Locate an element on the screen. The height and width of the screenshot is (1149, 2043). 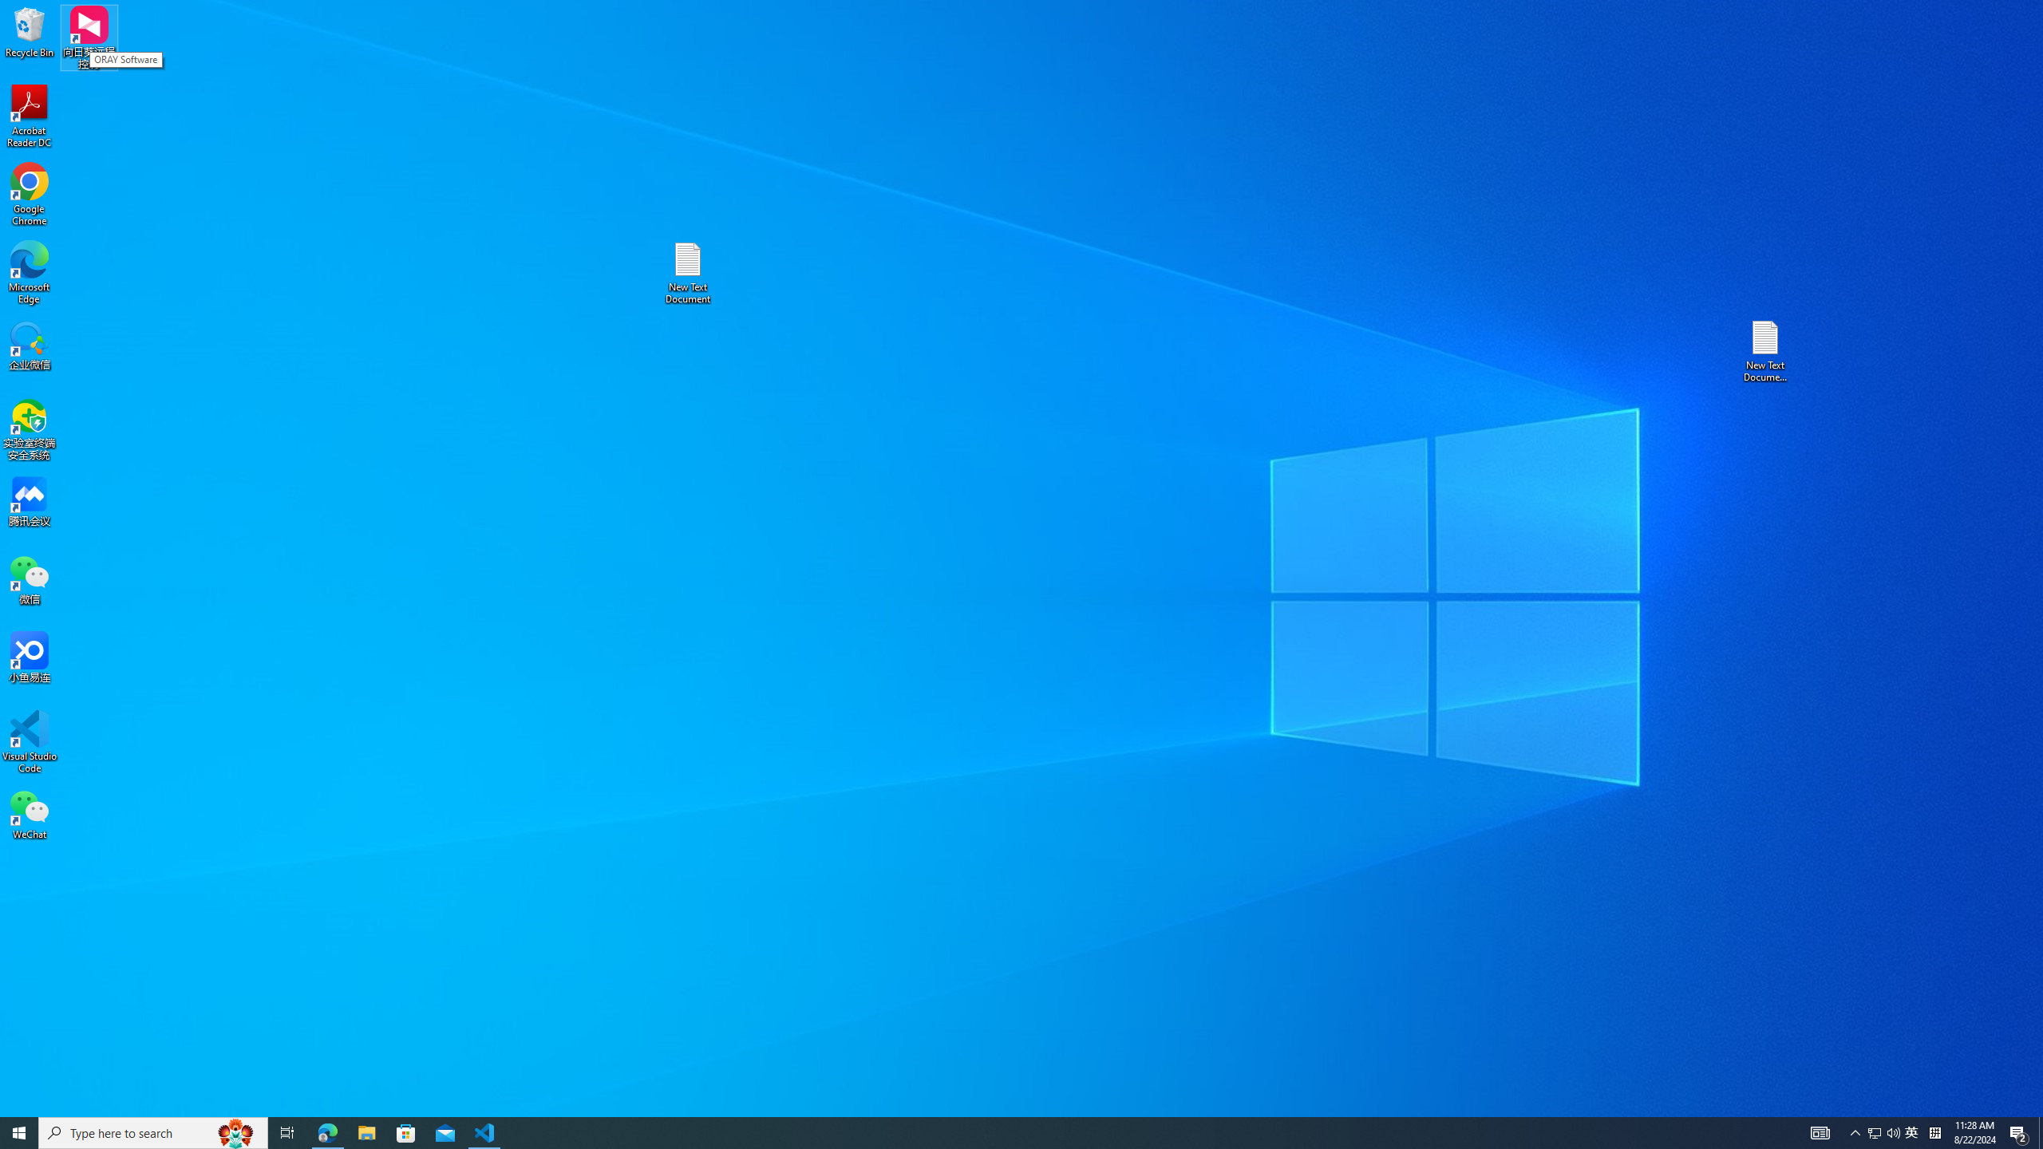
'Microsoft Store' is located at coordinates (406, 1131).